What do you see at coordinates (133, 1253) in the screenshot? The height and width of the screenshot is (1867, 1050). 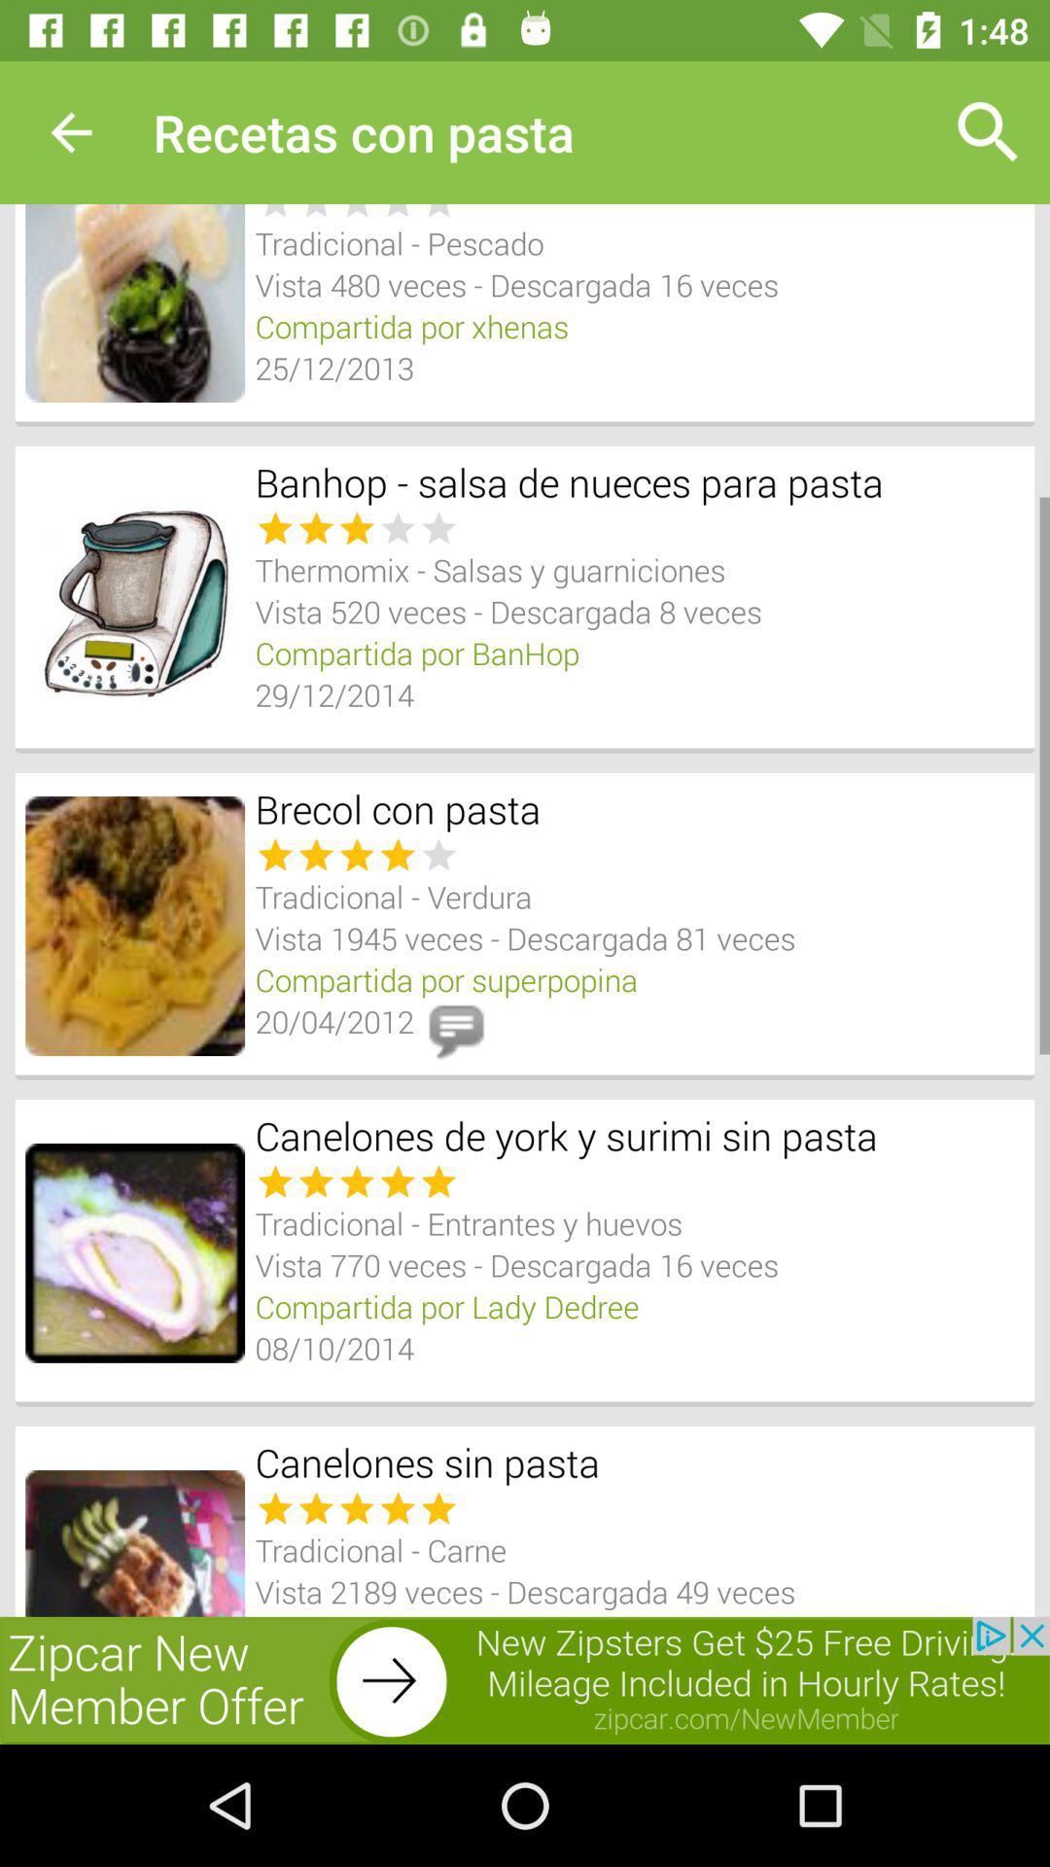 I see `the image beside canelones de york y surimi sin pasta` at bounding box center [133, 1253].